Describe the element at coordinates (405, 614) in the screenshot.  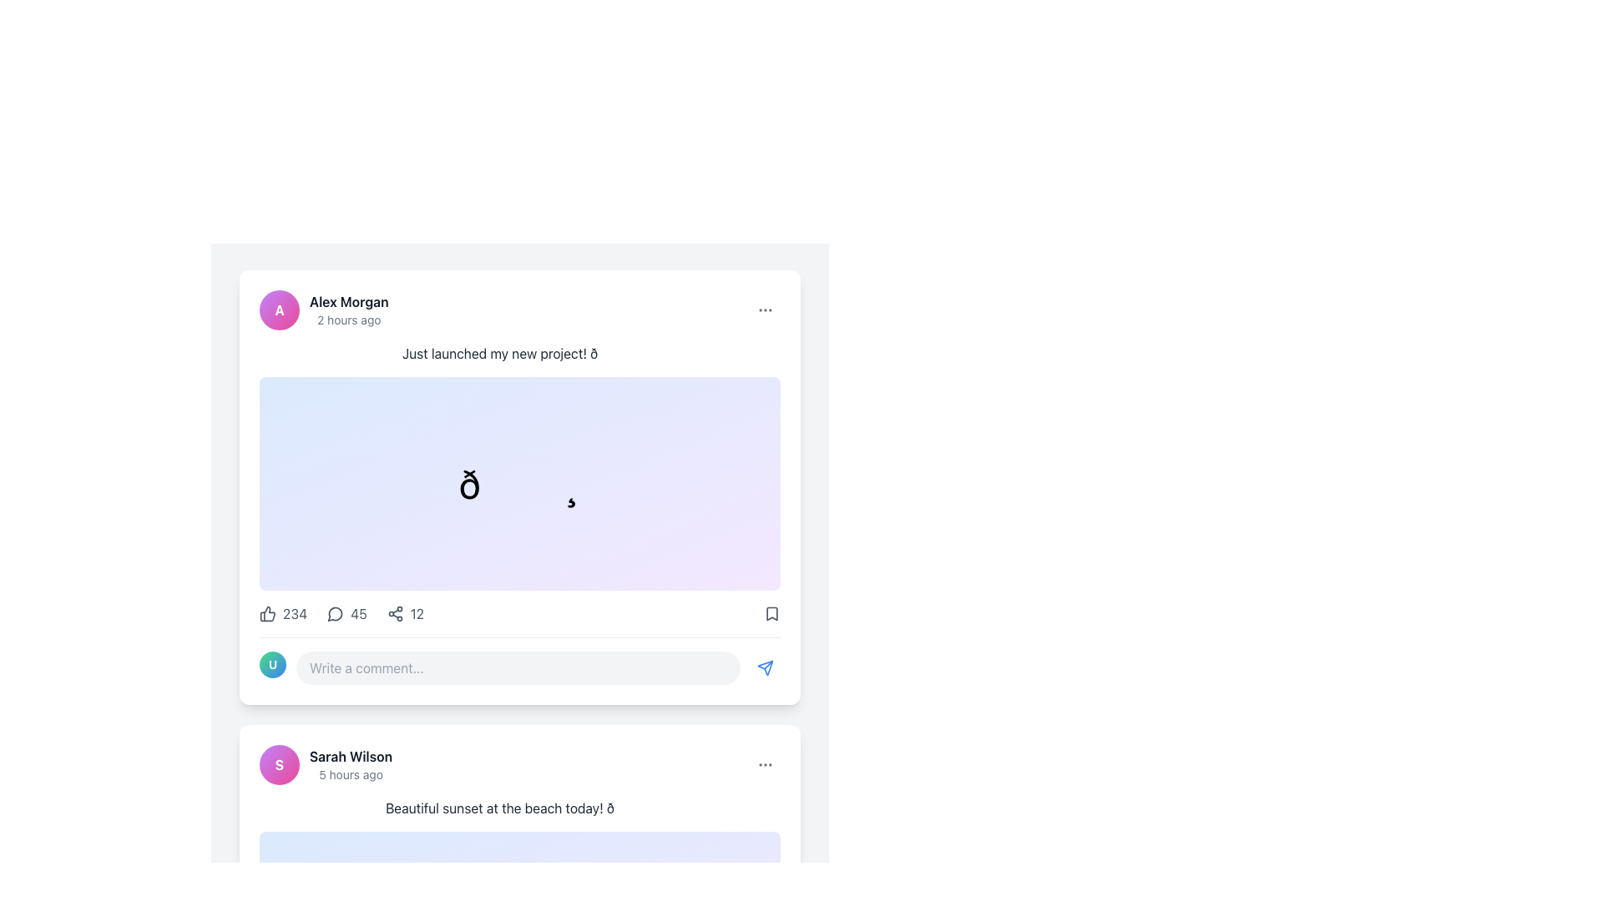
I see `the sharing icon, which is the third item in a horizontal row of interactive elements below a shared post` at that location.